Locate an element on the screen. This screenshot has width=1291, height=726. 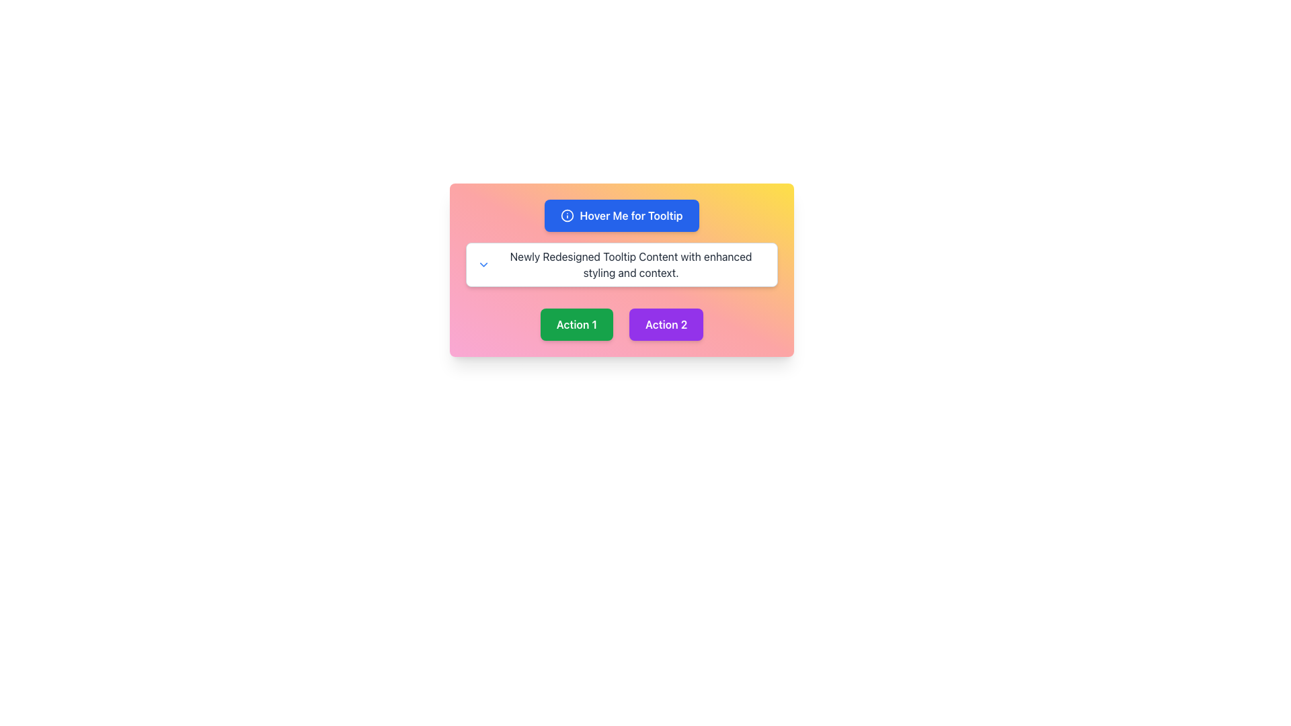
the downward chevron icon located to the left of the text message is located at coordinates (483, 264).